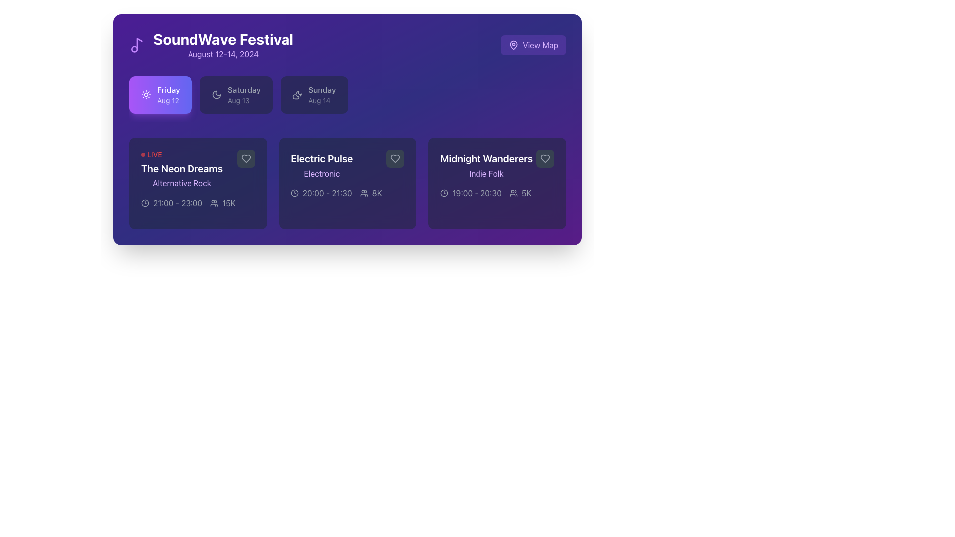  I want to click on the Label/Text Display that presents information about the live music event, so click(182, 169).